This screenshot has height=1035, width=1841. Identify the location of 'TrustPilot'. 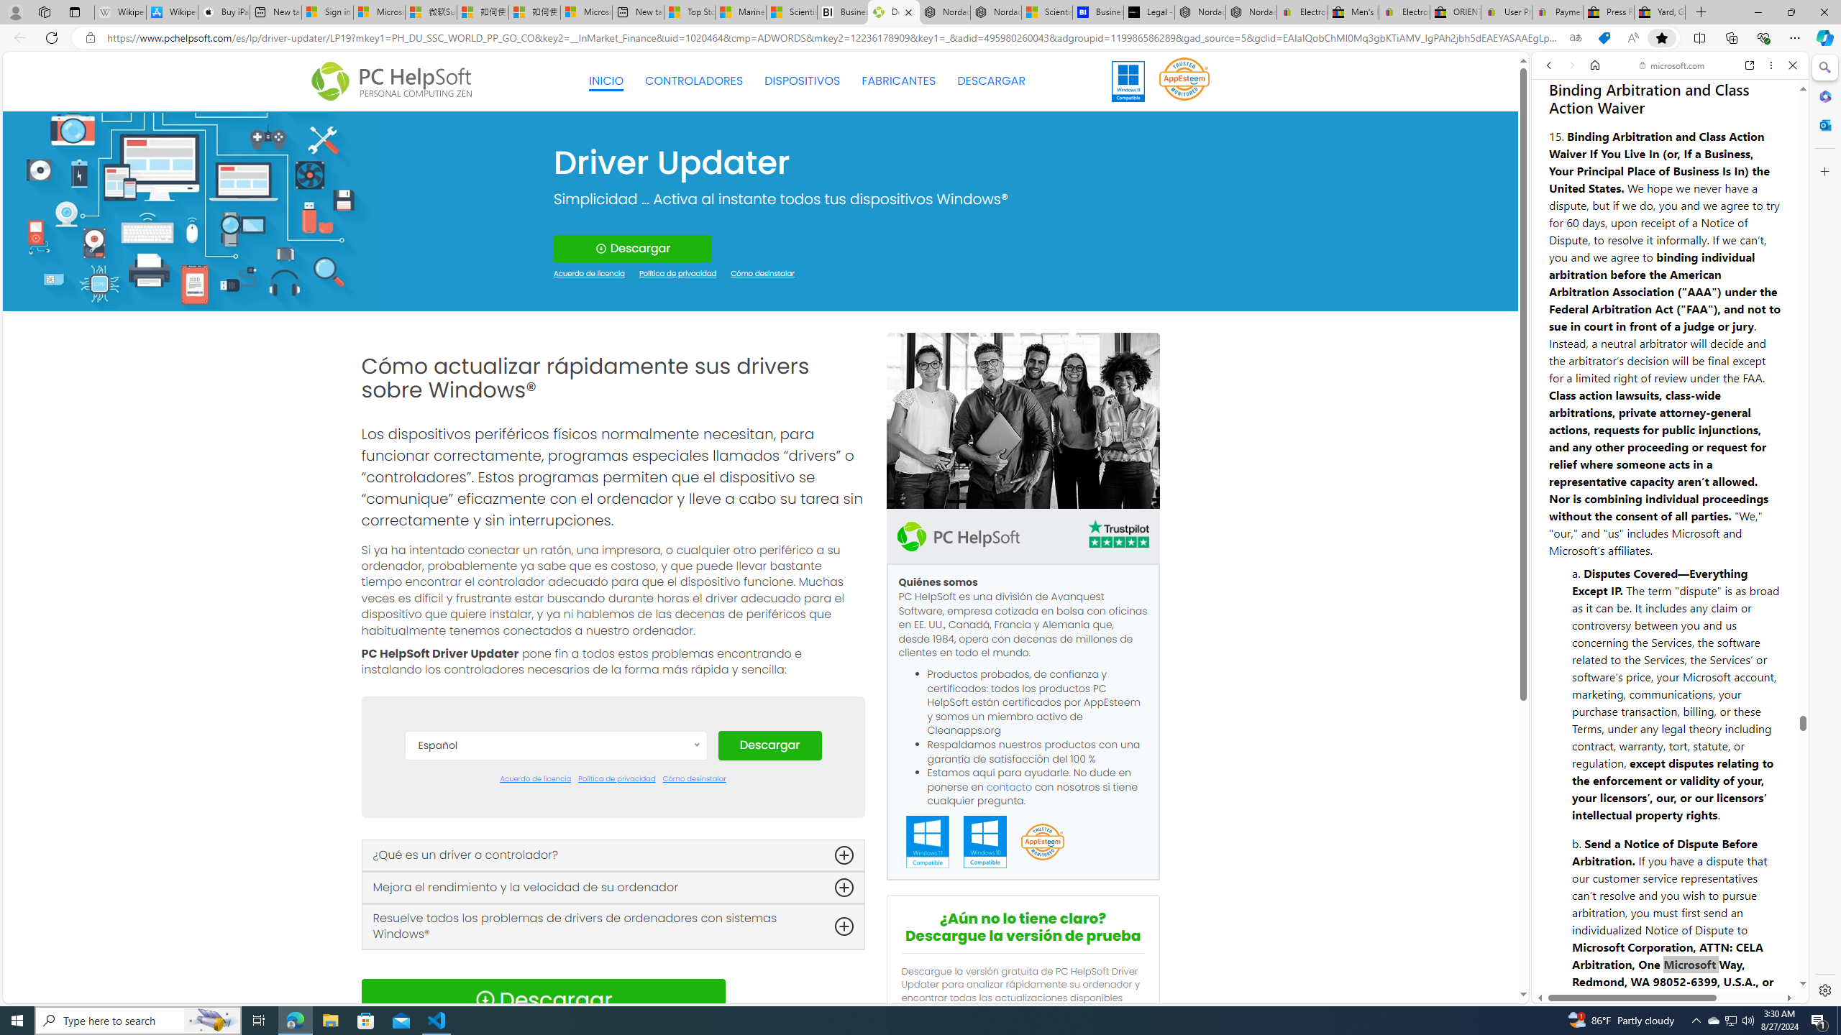
(1118, 533).